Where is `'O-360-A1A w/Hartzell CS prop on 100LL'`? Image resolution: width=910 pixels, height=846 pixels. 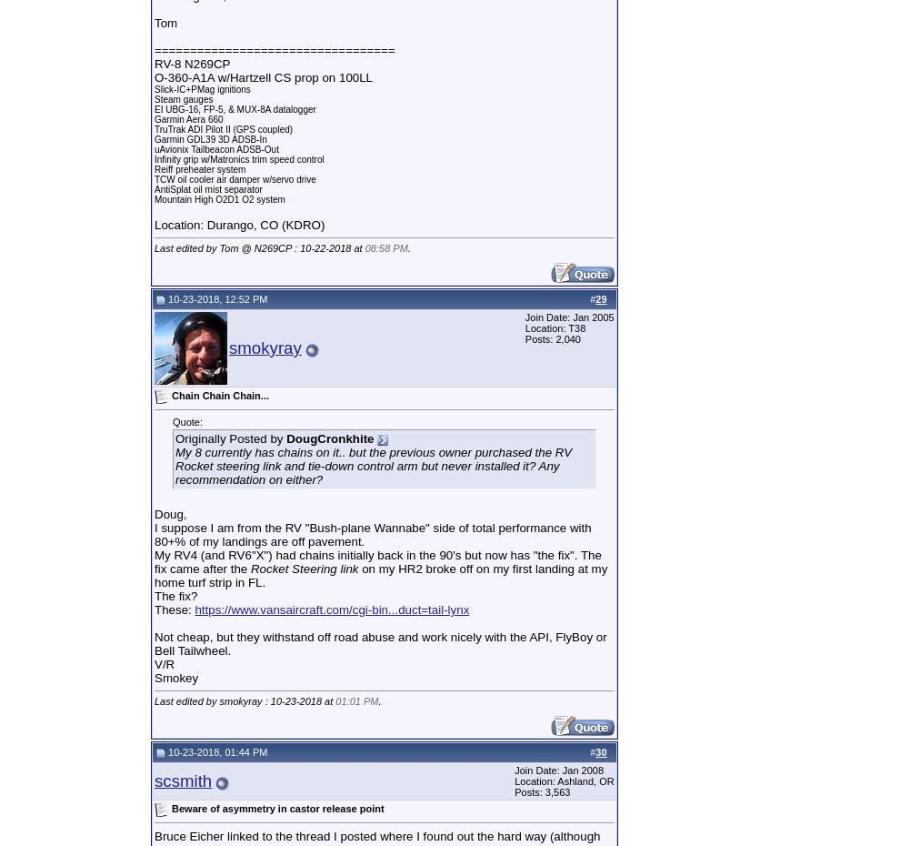
'O-360-A1A w/Hartzell CS prop on 100LL' is located at coordinates (154, 77).